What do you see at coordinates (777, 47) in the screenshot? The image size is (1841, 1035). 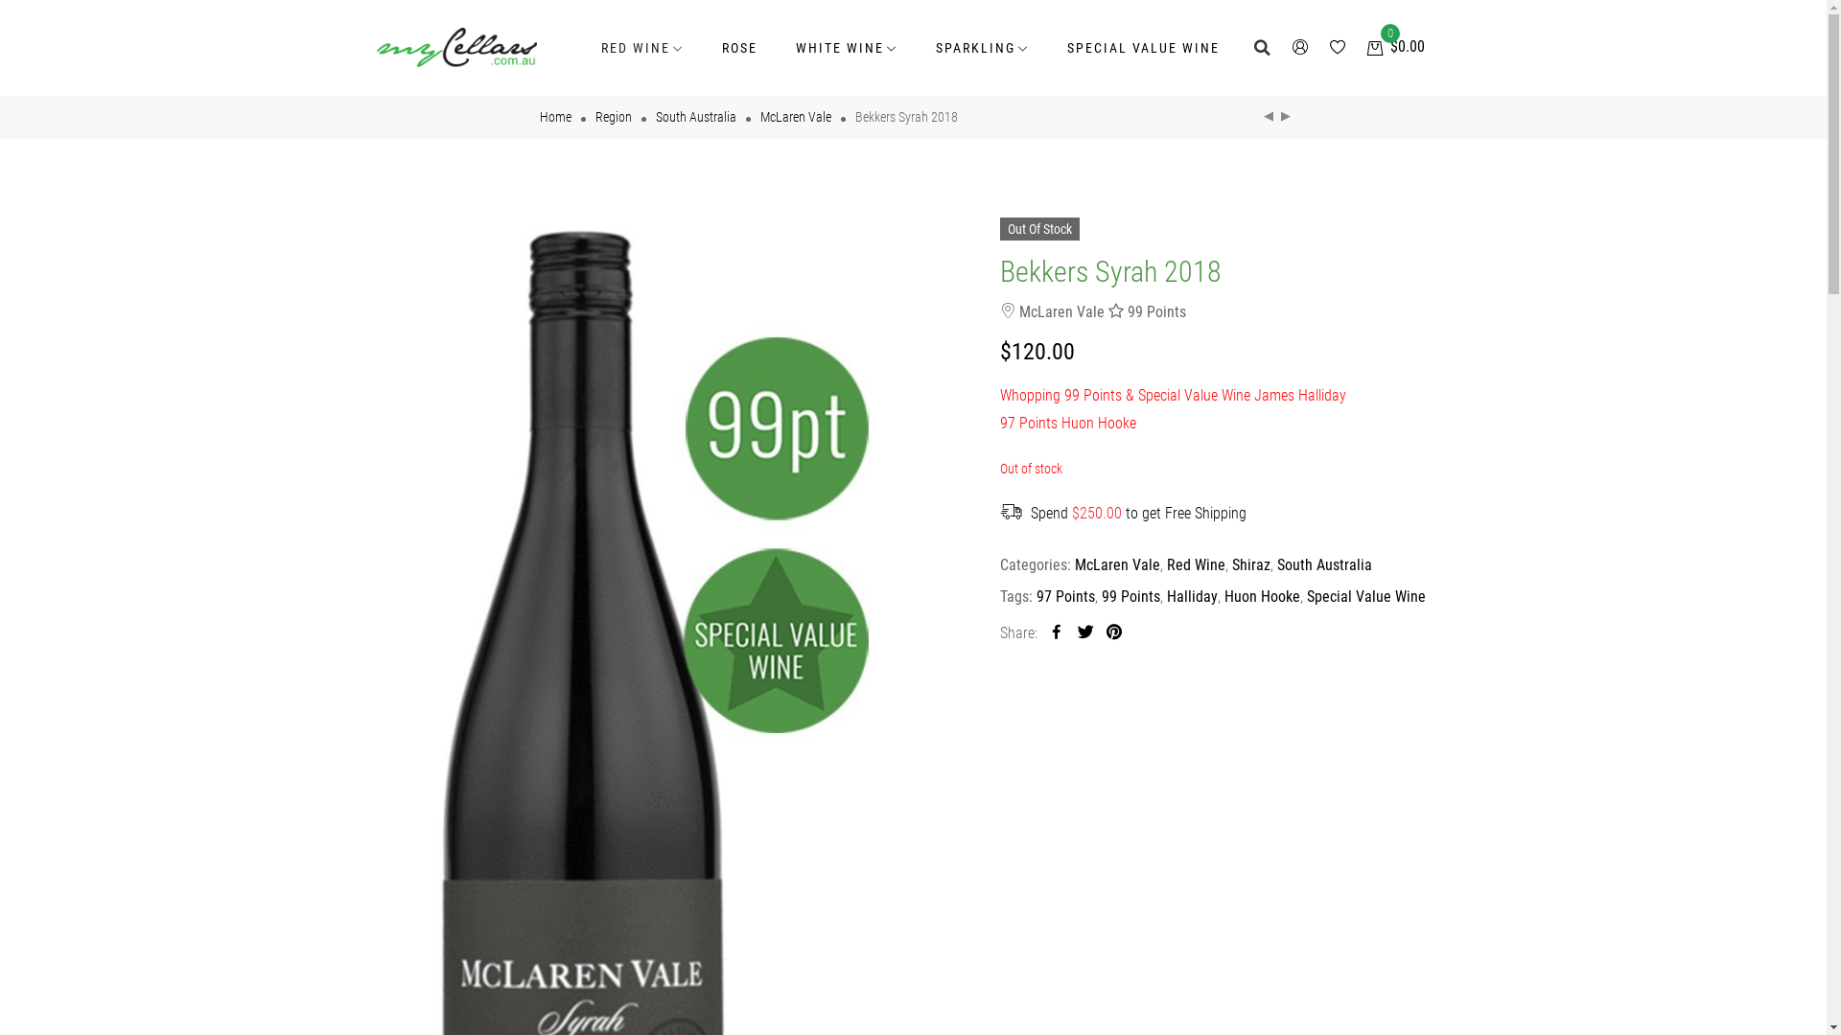 I see `'WHITE WINE'` at bounding box center [777, 47].